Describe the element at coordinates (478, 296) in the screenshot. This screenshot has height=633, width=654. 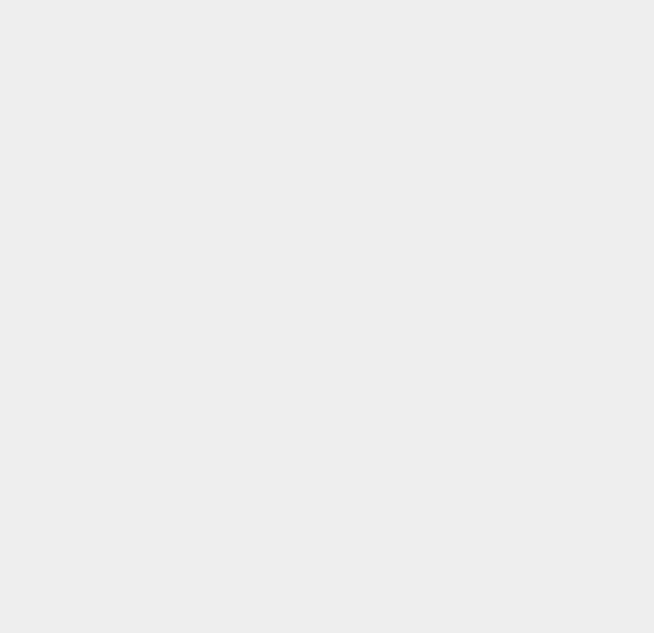
I see `'iPhone 6'` at that location.